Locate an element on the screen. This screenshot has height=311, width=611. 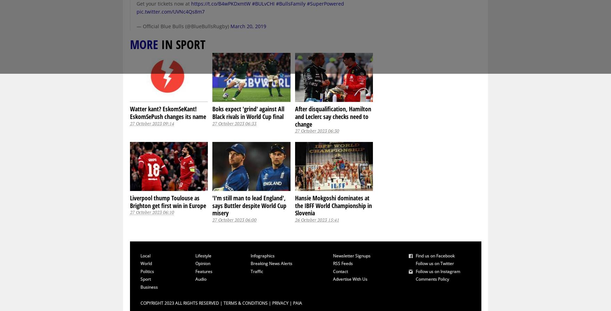
'Features' is located at coordinates (204, 271).